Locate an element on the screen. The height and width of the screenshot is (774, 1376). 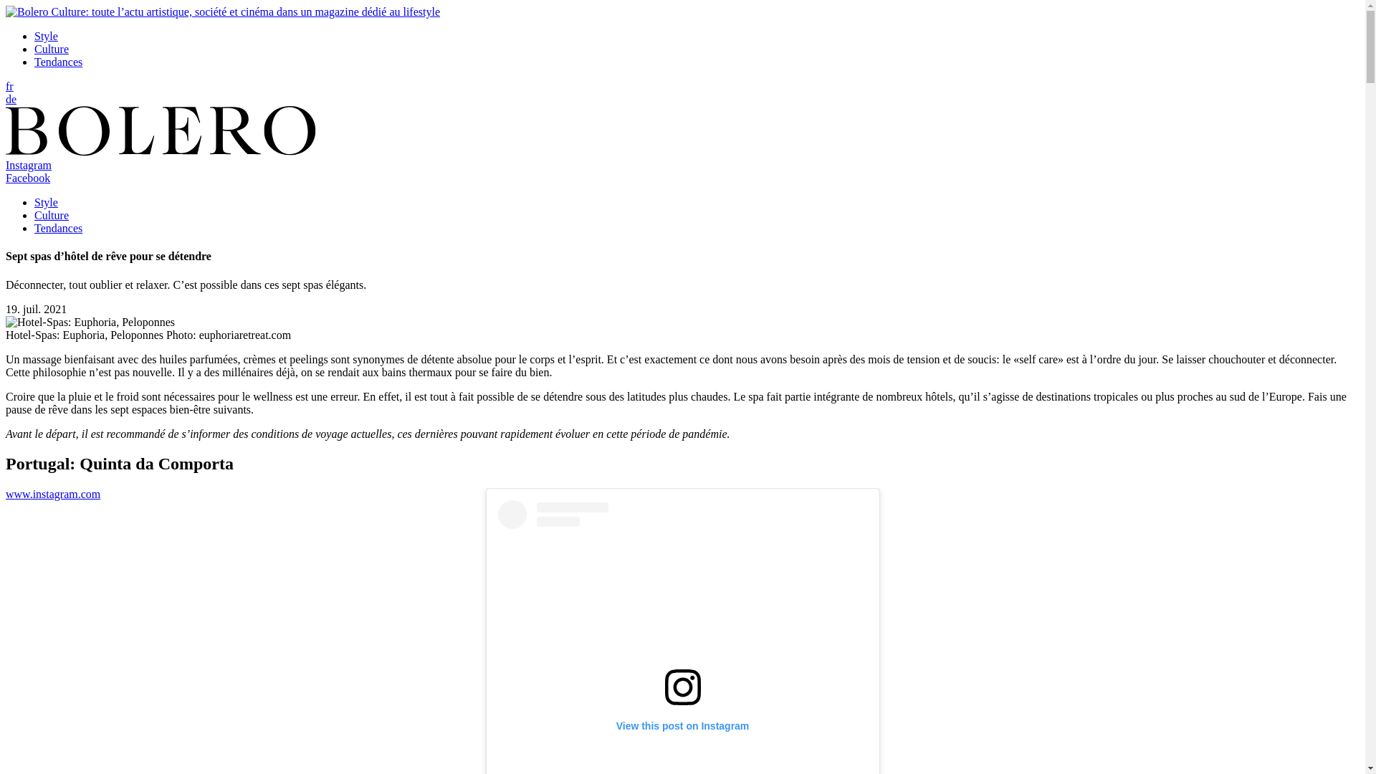
'Hotel-Spas: Euphoria, Peloponnes' is located at coordinates (89, 322).